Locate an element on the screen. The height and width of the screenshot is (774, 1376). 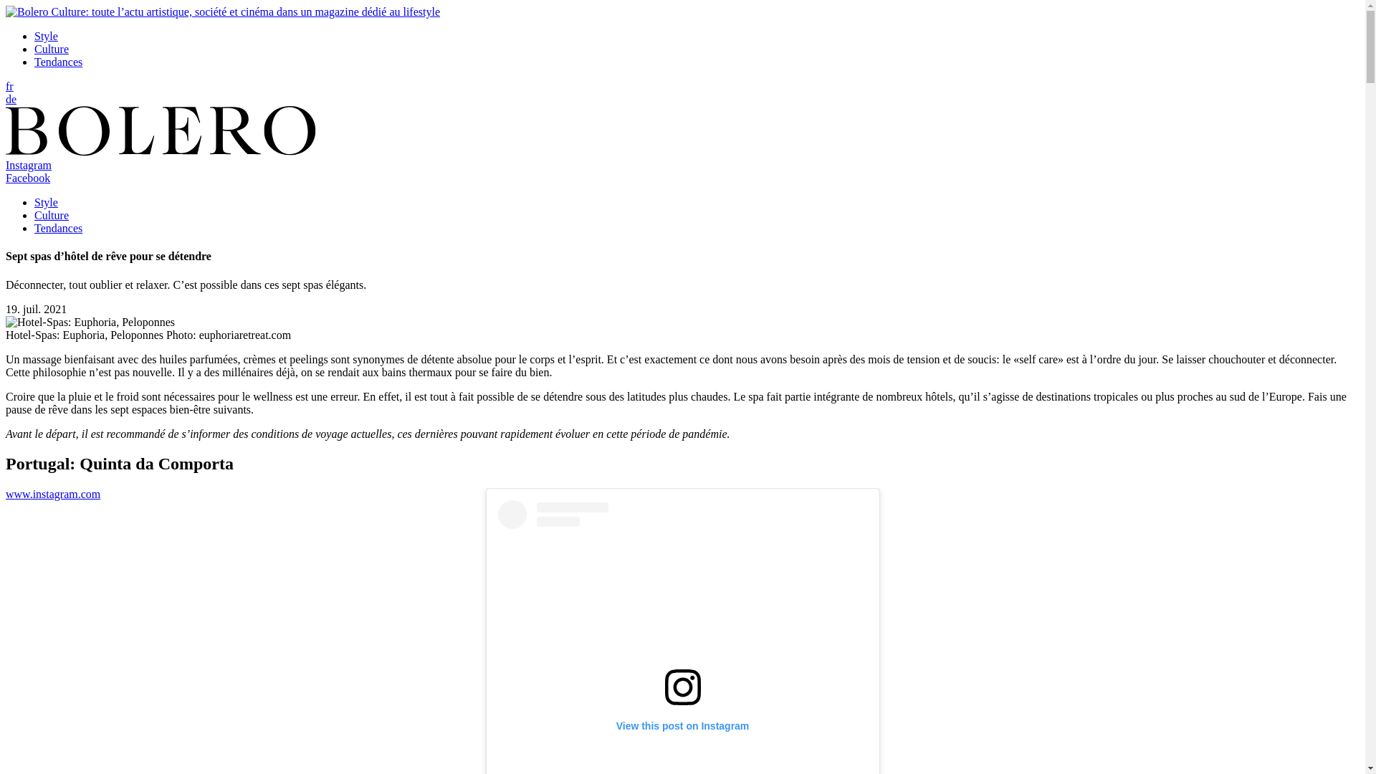
'Hotel-Spas: Euphoria, Peloponnes' is located at coordinates (89, 322).